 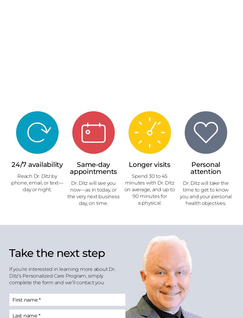 I want to click on 'Reach Dr. Ditz by phone, email, or text—day or night.', so click(x=37, y=182).